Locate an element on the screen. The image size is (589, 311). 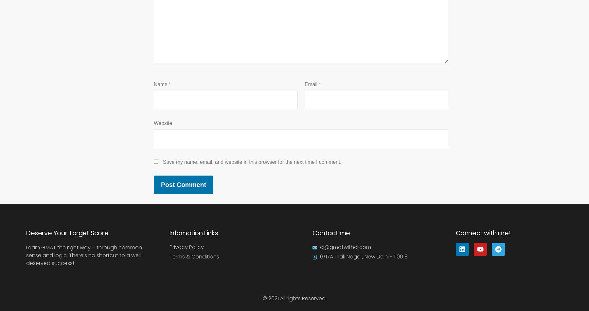
'6/17A Tilak Nagar, New Delhi - 110018' is located at coordinates (363, 256).